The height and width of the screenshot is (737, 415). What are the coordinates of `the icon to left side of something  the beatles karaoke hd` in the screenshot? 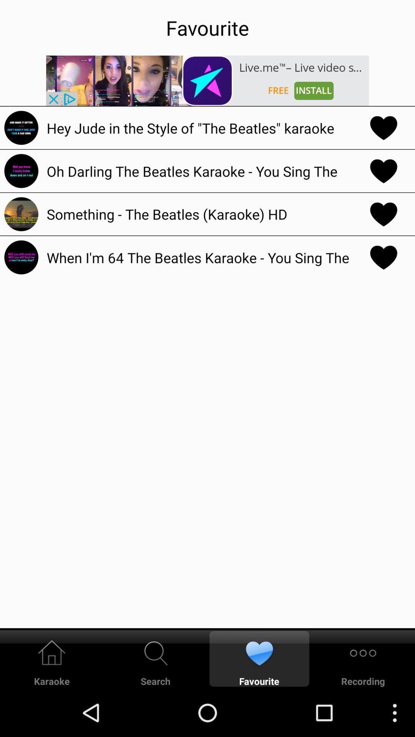 It's located at (21, 214).